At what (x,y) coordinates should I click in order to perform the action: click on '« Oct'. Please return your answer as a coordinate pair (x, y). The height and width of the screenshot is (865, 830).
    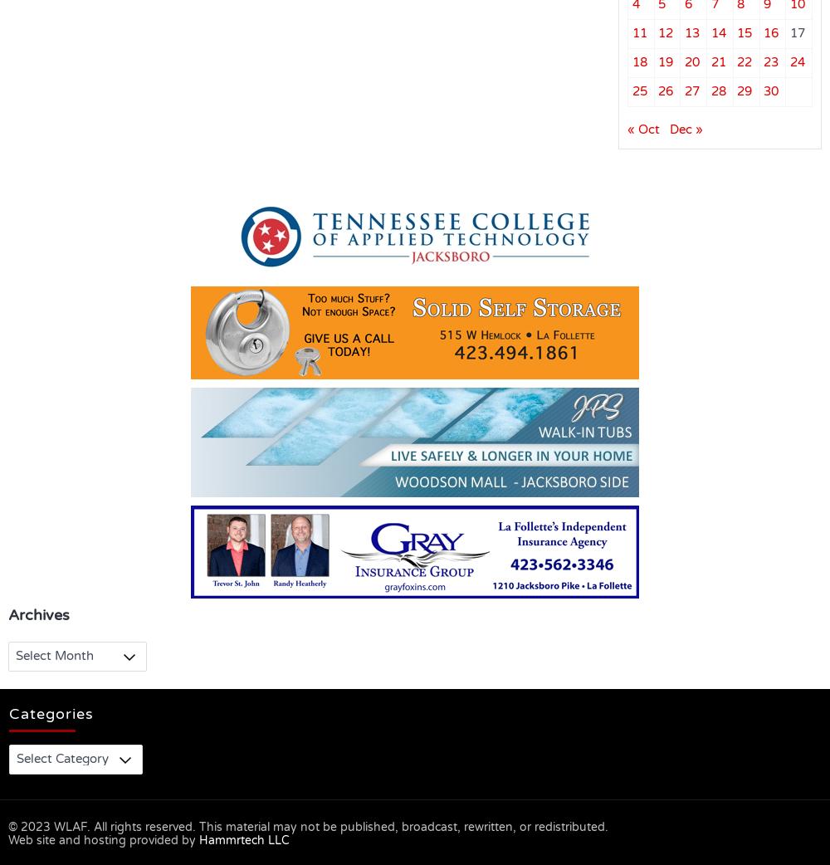
    Looking at the image, I should click on (643, 129).